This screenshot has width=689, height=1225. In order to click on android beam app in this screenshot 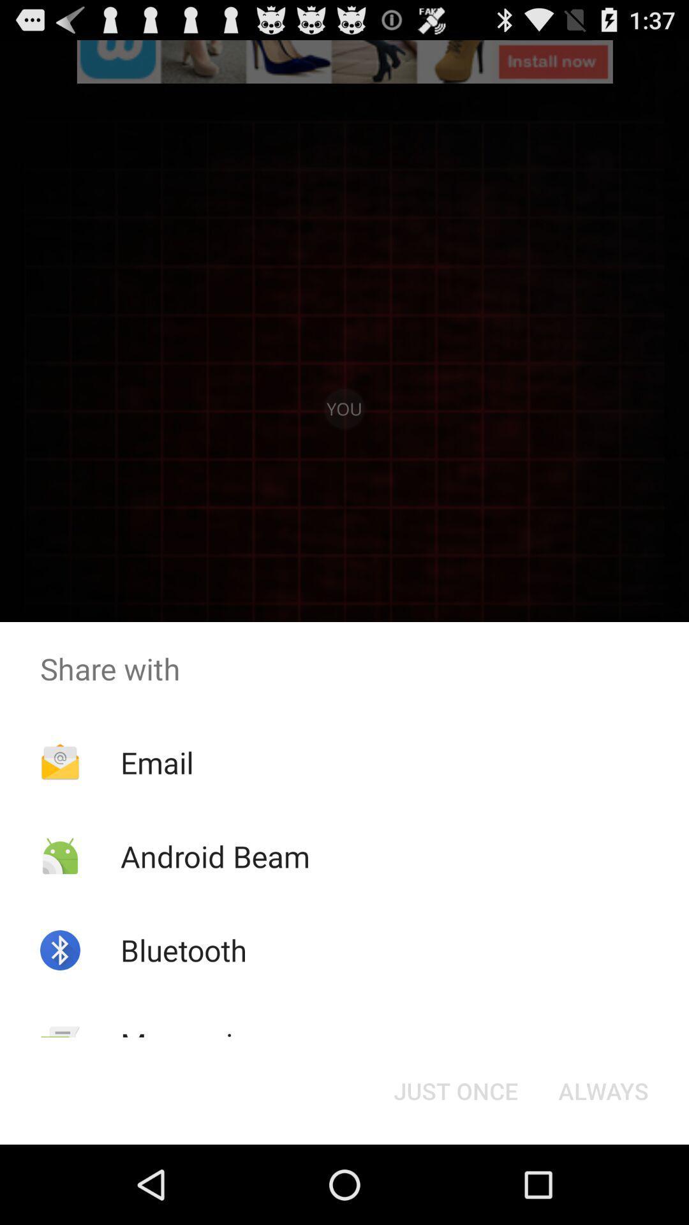, I will do `click(214, 856)`.